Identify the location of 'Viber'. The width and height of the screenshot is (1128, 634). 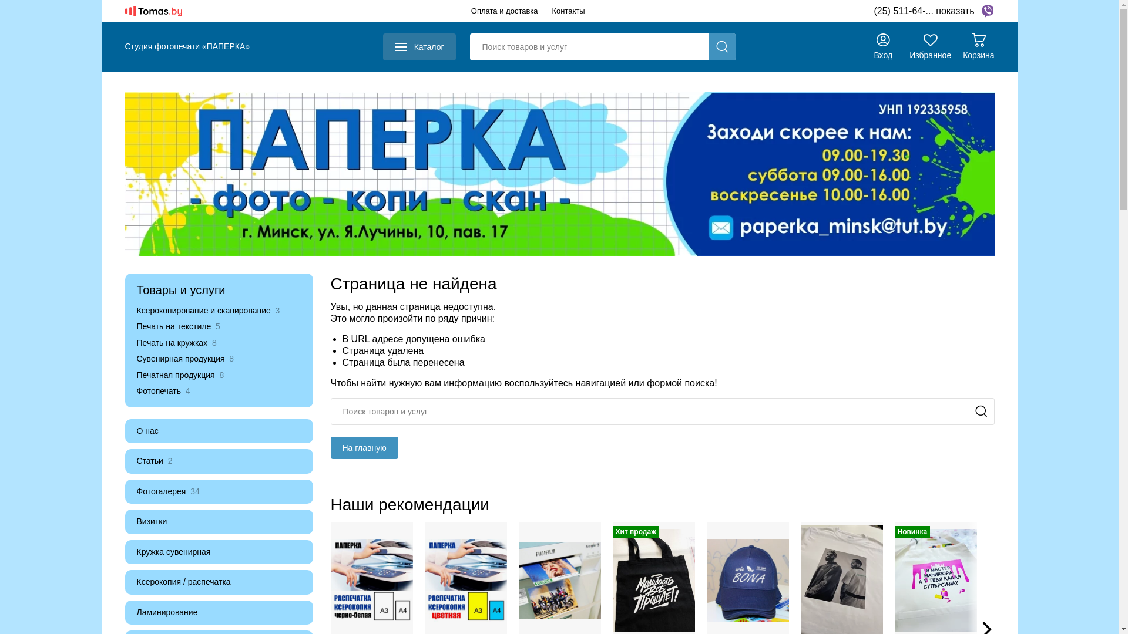
(987, 11).